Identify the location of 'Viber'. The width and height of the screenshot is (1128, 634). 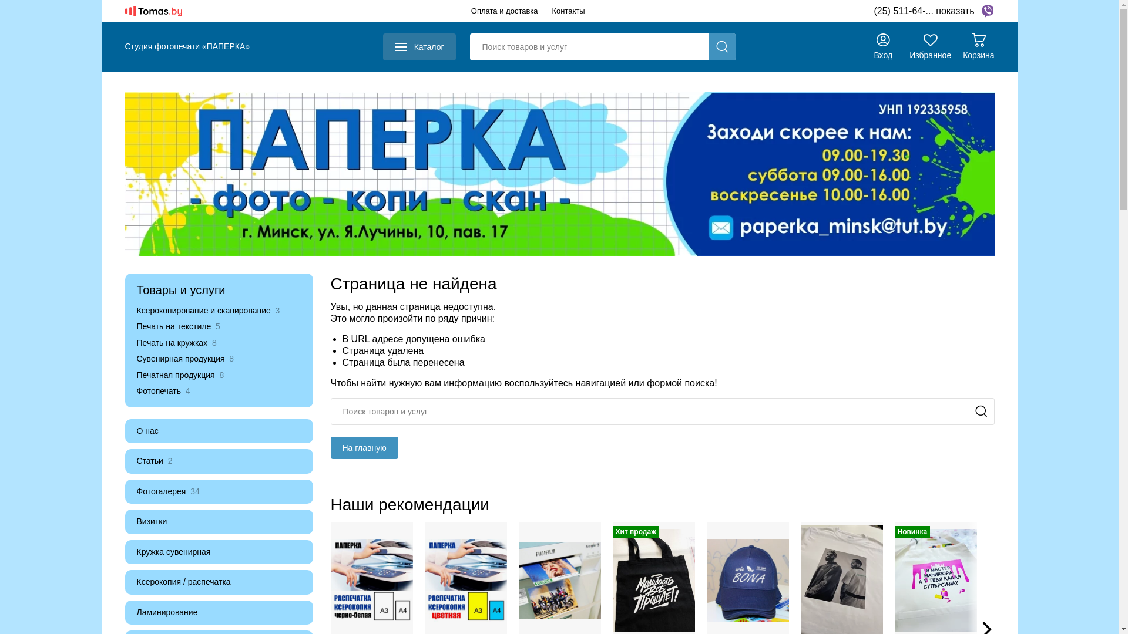
(987, 11).